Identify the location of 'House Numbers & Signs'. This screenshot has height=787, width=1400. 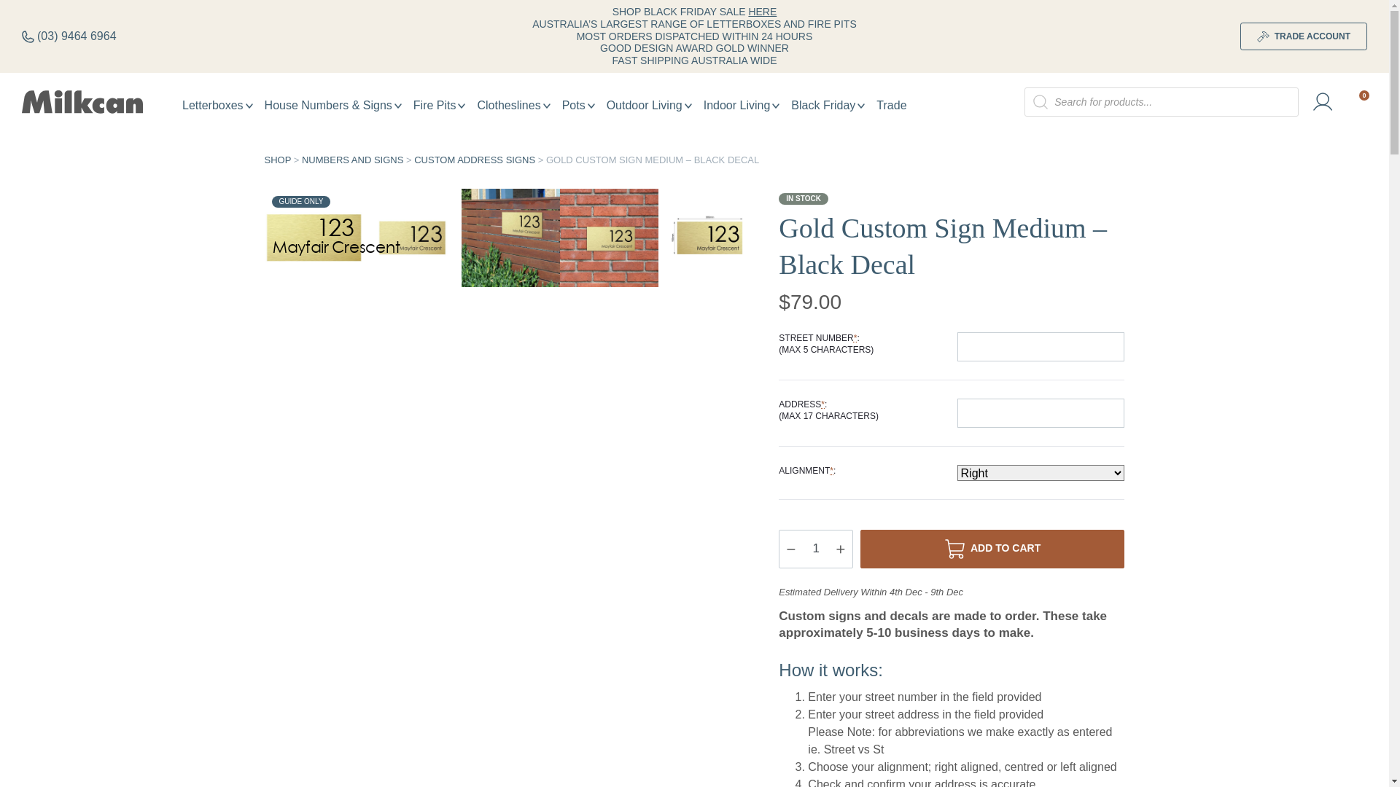
(332, 104).